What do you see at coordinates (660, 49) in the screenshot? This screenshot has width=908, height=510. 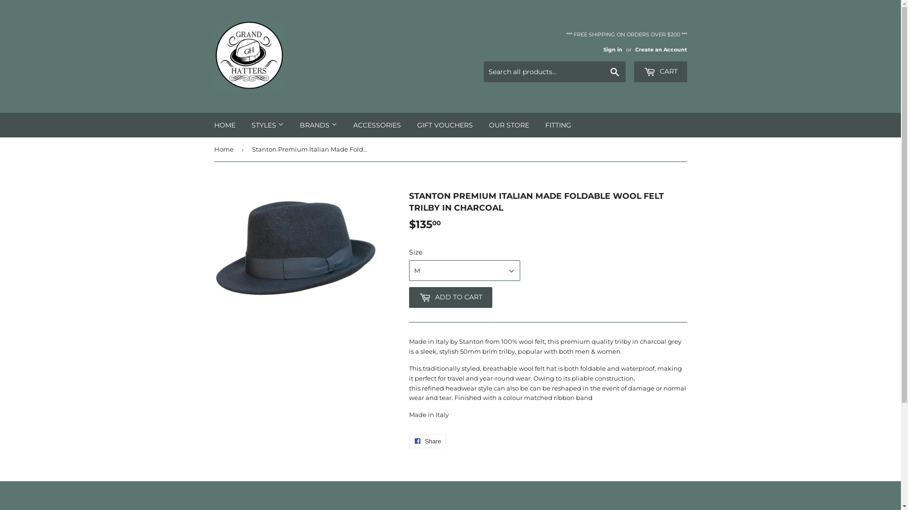 I see `'Create an Account'` at bounding box center [660, 49].